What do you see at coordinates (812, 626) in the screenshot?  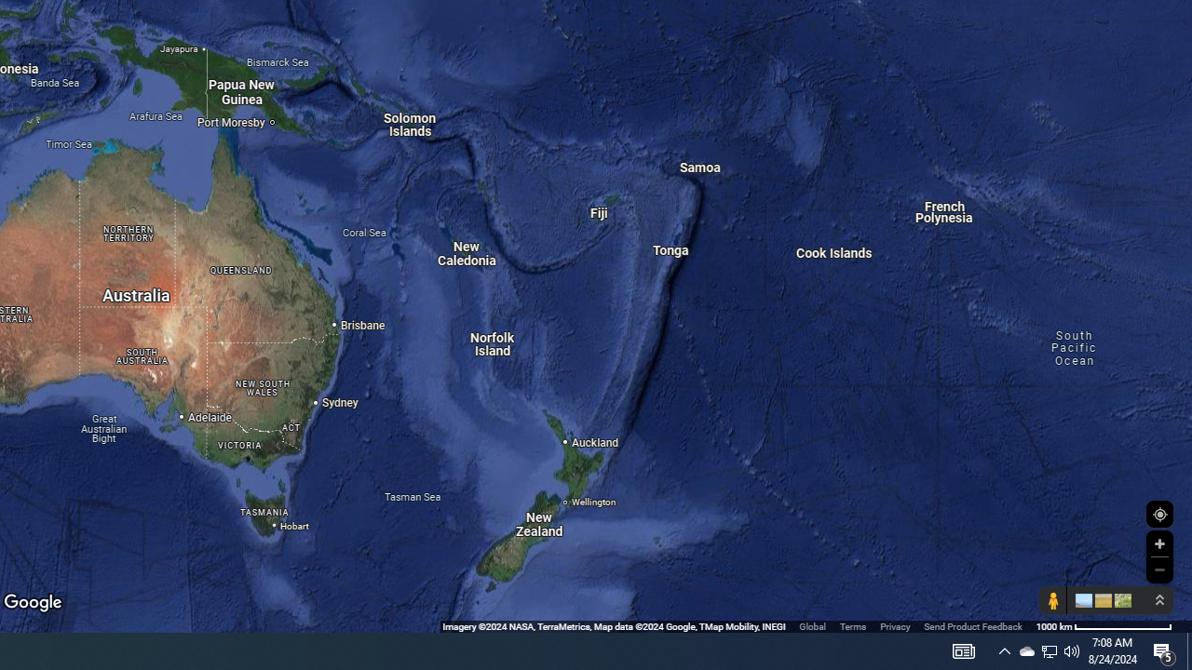 I see `'Global'` at bounding box center [812, 626].